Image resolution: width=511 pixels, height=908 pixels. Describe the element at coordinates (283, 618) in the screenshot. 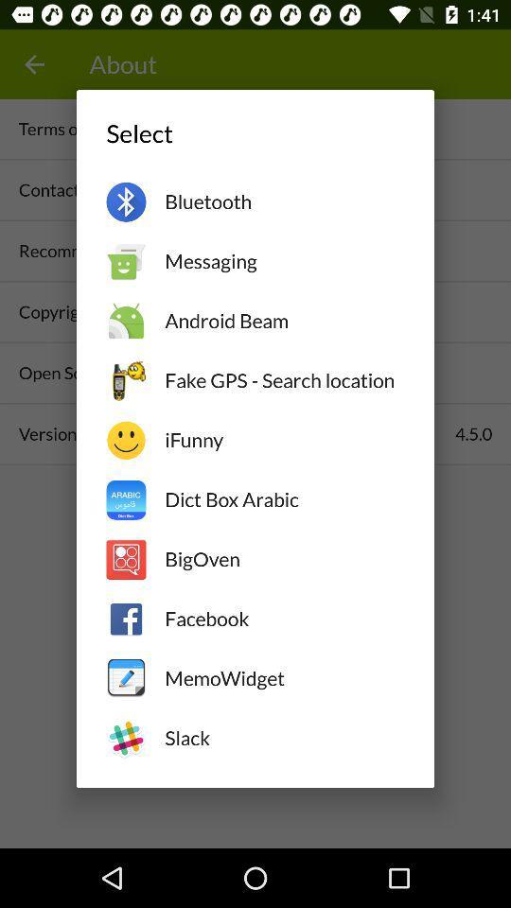

I see `facebook item` at that location.